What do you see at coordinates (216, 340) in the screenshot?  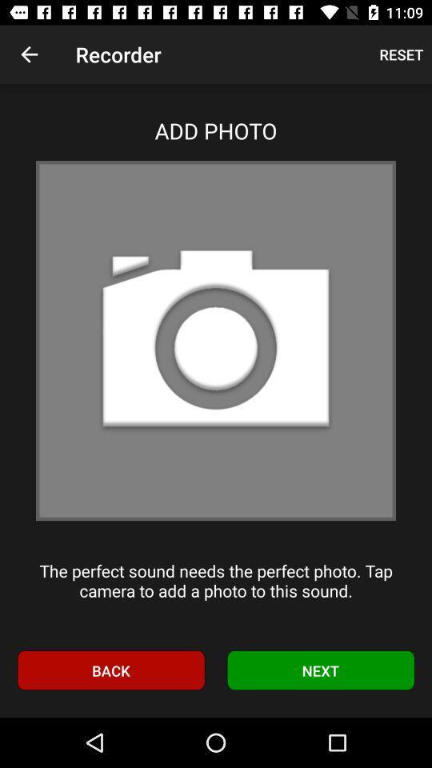 I see `a photograph to the area` at bounding box center [216, 340].